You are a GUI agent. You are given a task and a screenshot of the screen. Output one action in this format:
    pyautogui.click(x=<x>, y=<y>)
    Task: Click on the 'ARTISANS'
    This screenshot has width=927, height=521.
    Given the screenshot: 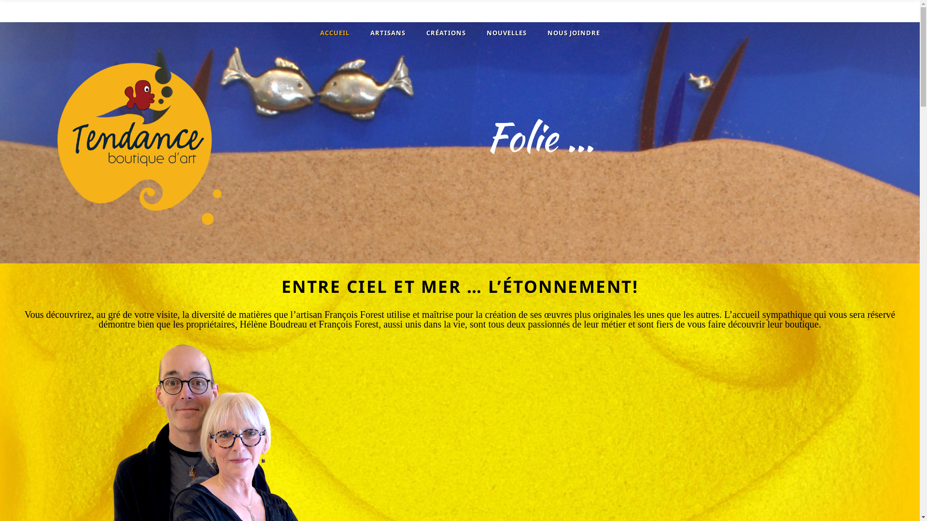 What is the action you would take?
    pyautogui.click(x=386, y=32)
    